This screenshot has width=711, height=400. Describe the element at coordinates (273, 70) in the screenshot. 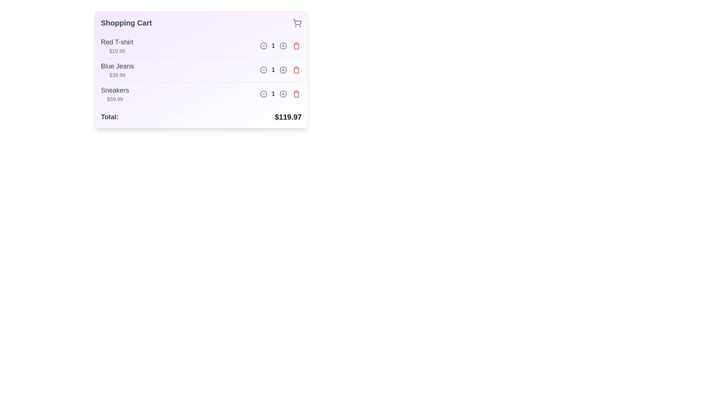

I see `the static text element displaying the number '1', which is styled with a bold font and grey color, located between the decrement and increment buttons in the quantity adjustment interface` at that location.